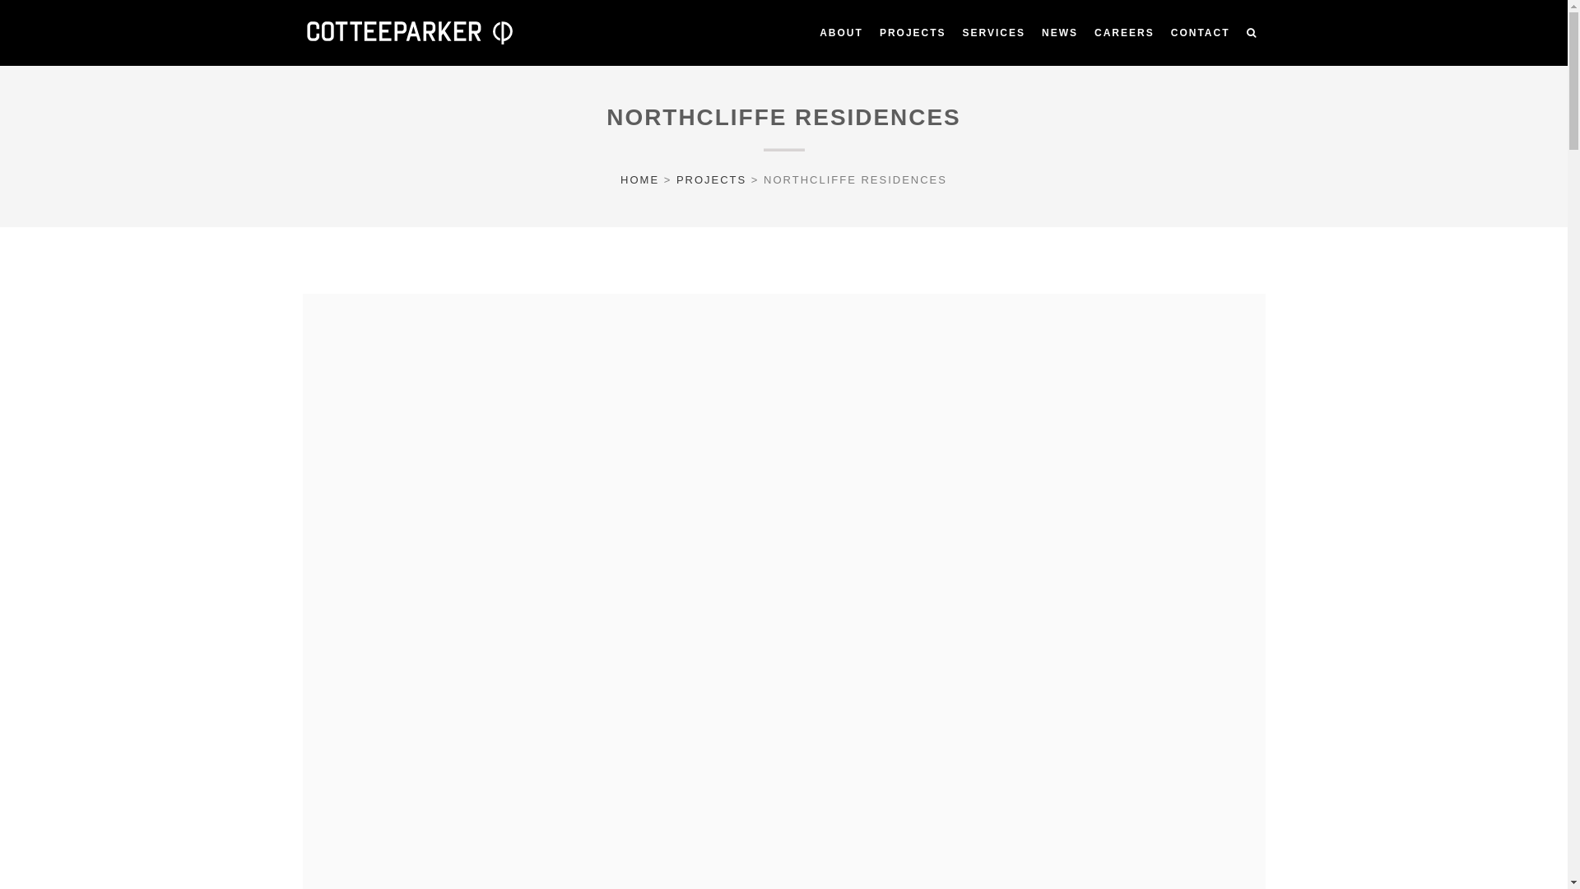 The height and width of the screenshot is (889, 1580). Describe the element at coordinates (639, 179) in the screenshot. I see `'HOME'` at that location.